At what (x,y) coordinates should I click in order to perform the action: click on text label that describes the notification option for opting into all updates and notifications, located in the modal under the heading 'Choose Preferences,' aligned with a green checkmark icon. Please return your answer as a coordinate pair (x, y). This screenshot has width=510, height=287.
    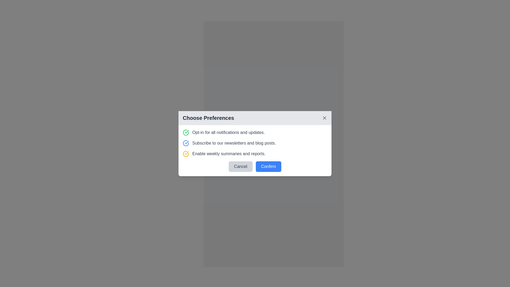
    Looking at the image, I should click on (228, 132).